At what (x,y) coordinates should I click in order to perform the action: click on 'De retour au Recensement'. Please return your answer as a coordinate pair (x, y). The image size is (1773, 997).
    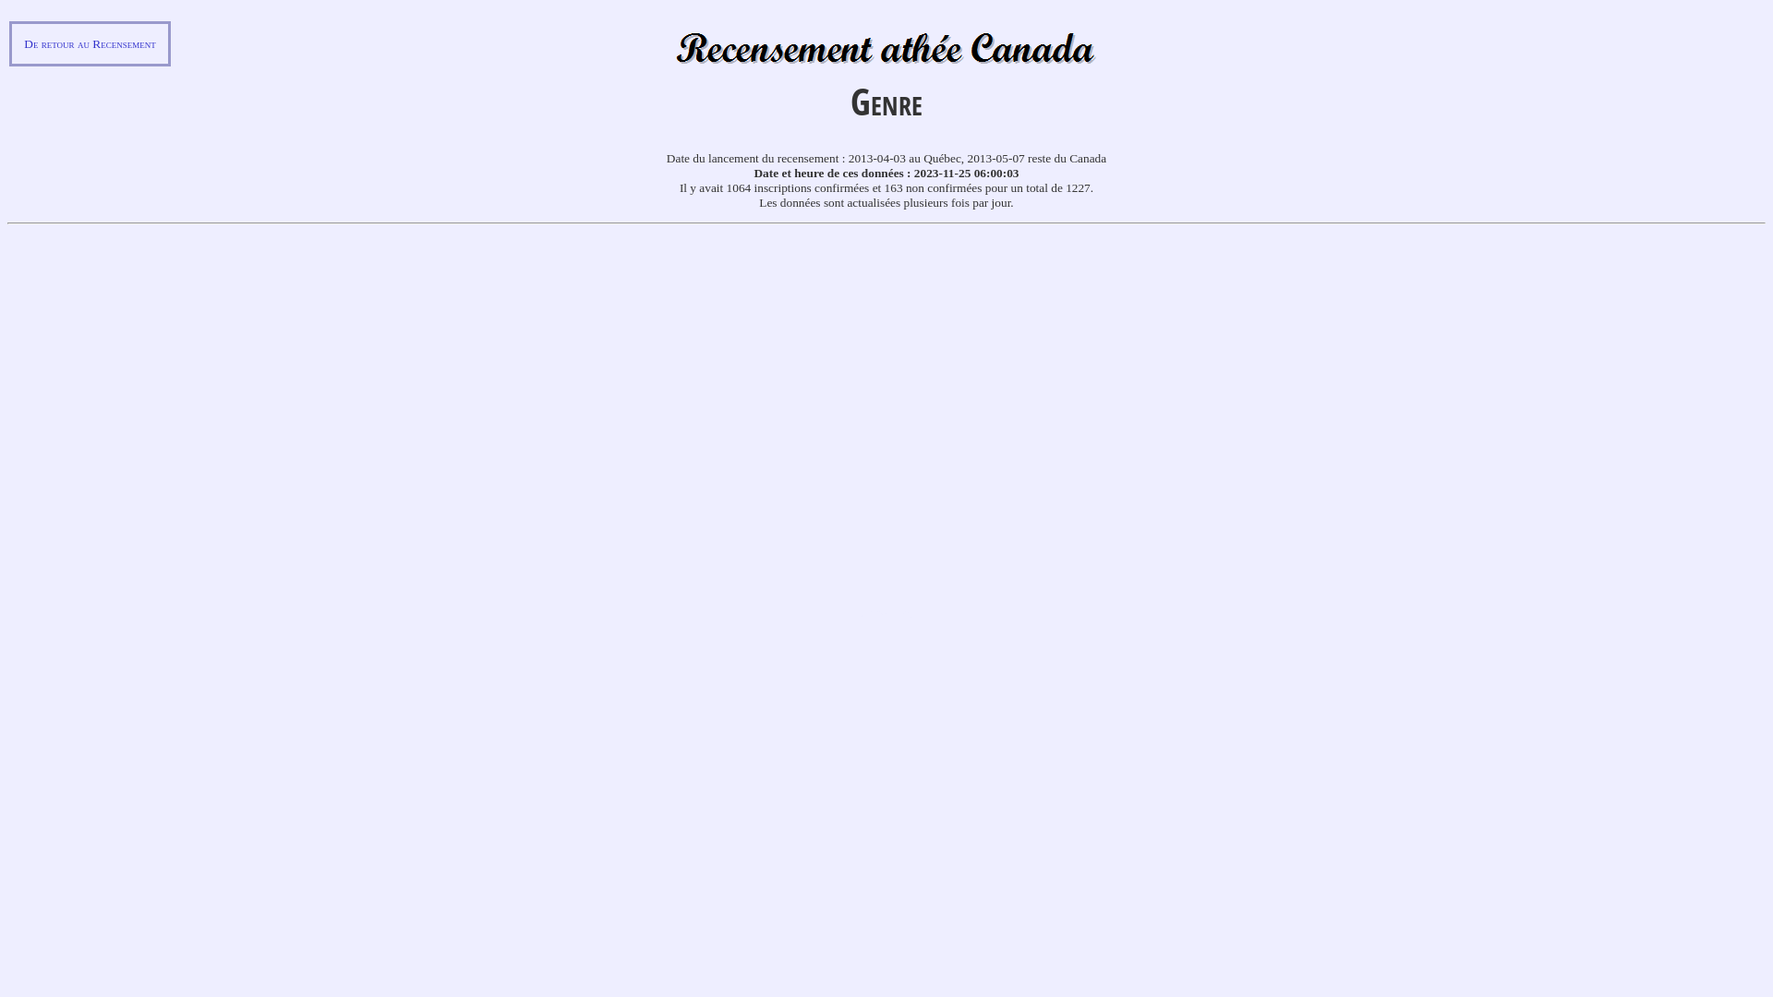
    Looking at the image, I should click on (23, 42).